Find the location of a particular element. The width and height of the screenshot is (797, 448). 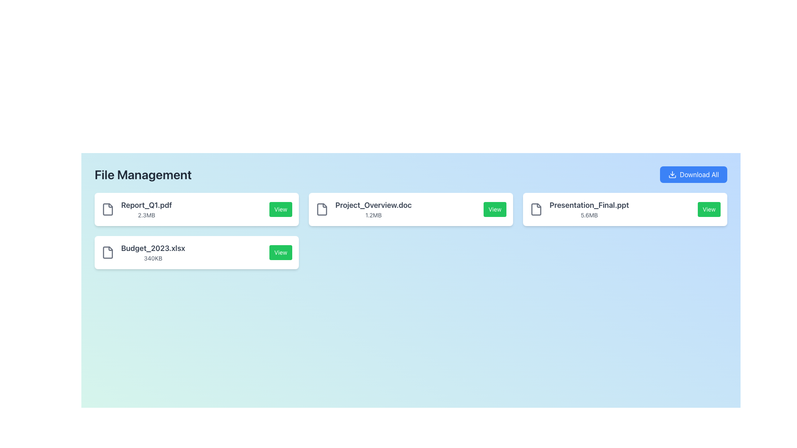

the Text Display Component that shows the file name 'Budget_2023.xlsx' and its size '340KB' is located at coordinates (153, 252).